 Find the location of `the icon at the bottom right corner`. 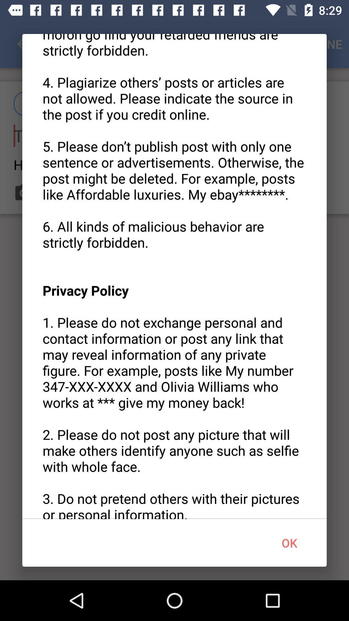

the icon at the bottom right corner is located at coordinates (289, 543).